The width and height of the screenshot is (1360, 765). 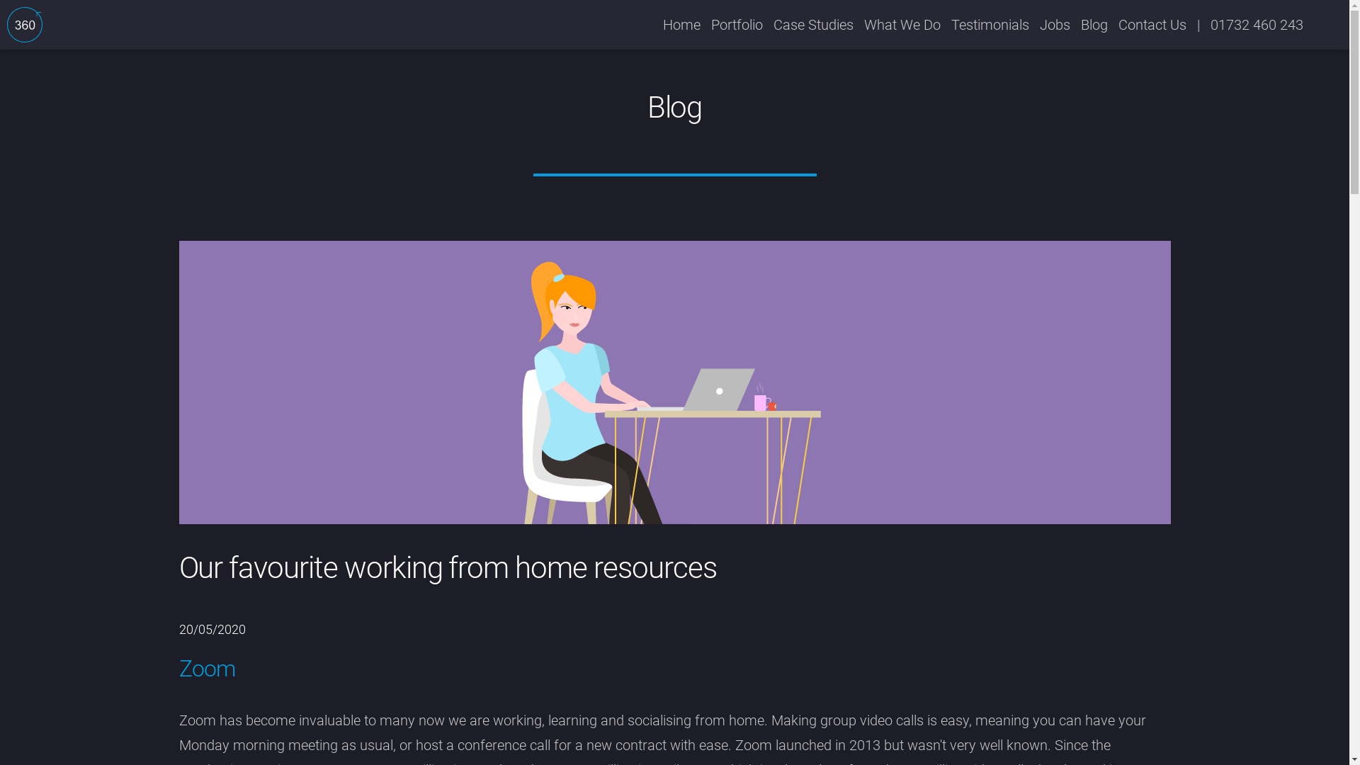 I want to click on 'What We Do', so click(x=901, y=25).